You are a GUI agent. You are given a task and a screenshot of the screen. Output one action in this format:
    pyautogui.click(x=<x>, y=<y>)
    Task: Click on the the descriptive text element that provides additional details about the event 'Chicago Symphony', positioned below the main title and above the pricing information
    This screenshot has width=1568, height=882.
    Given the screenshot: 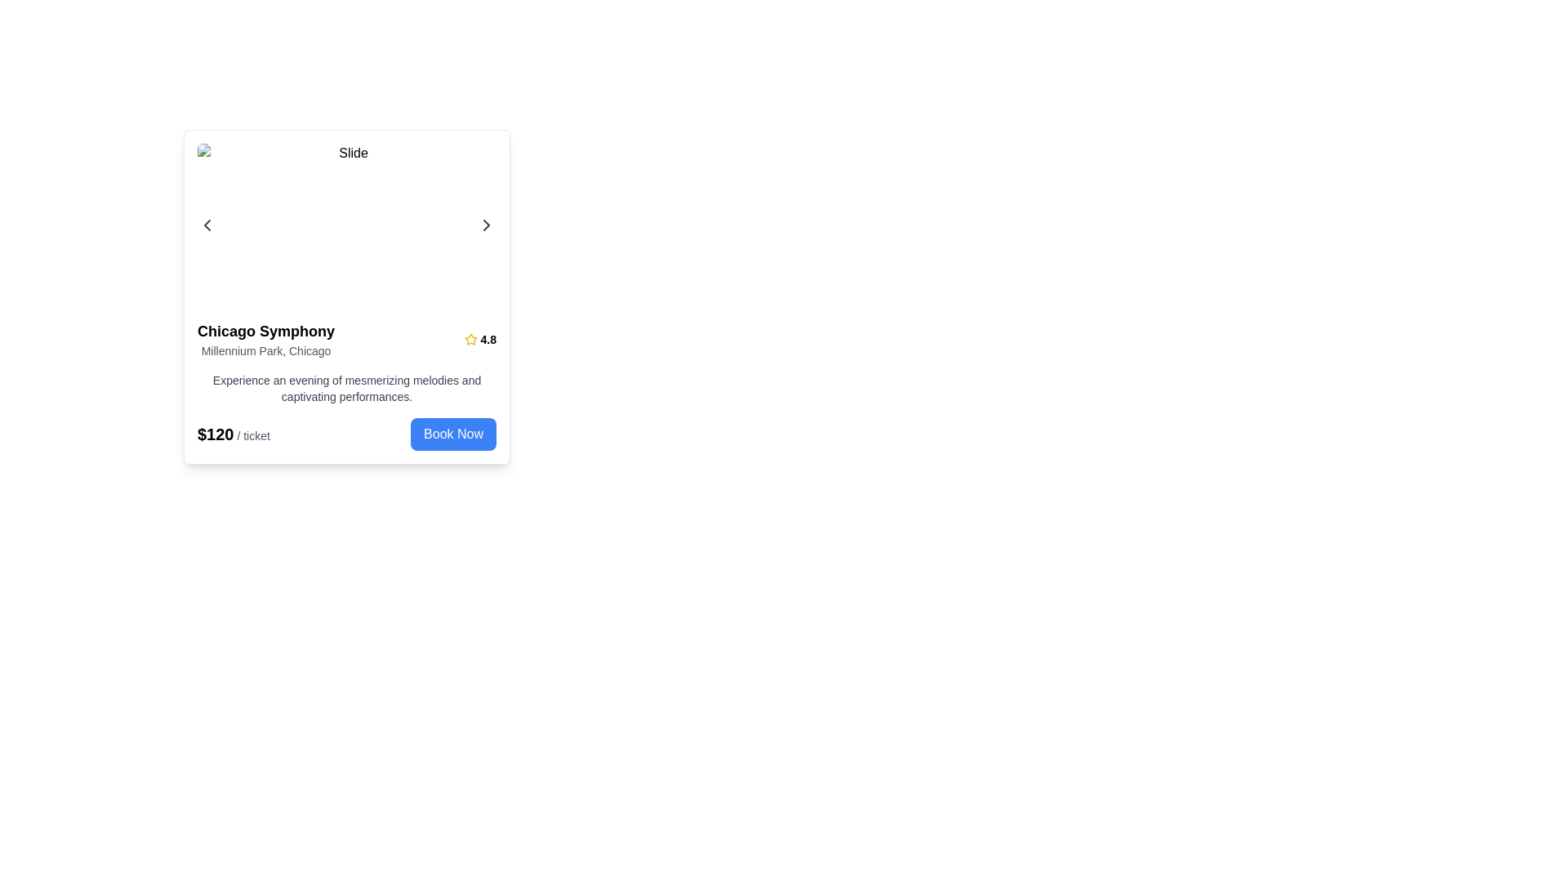 What is the action you would take?
    pyautogui.click(x=346, y=388)
    